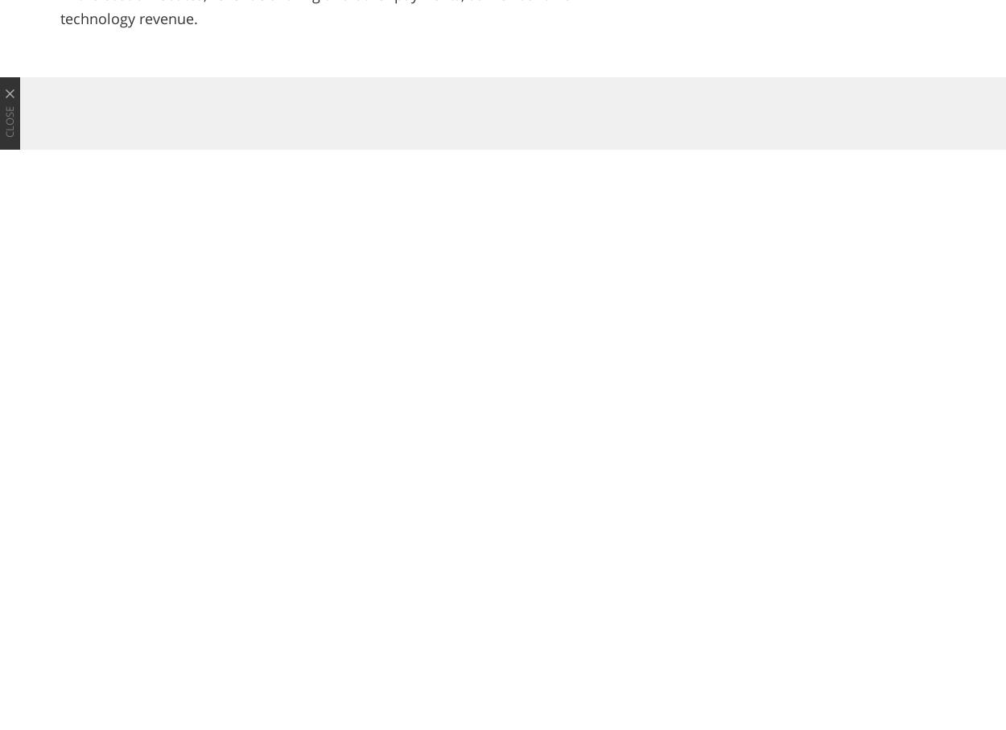 Image resolution: width=1006 pixels, height=730 pixels. I want to click on 'Back-to-School Season Means Gearing Up for More e-Learning and Working From Home', so click(607, 643).